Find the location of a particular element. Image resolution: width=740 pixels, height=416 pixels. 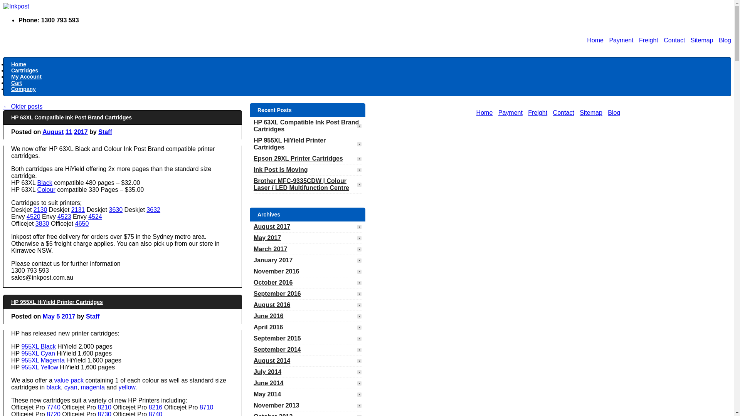

'May' is located at coordinates (48, 316).